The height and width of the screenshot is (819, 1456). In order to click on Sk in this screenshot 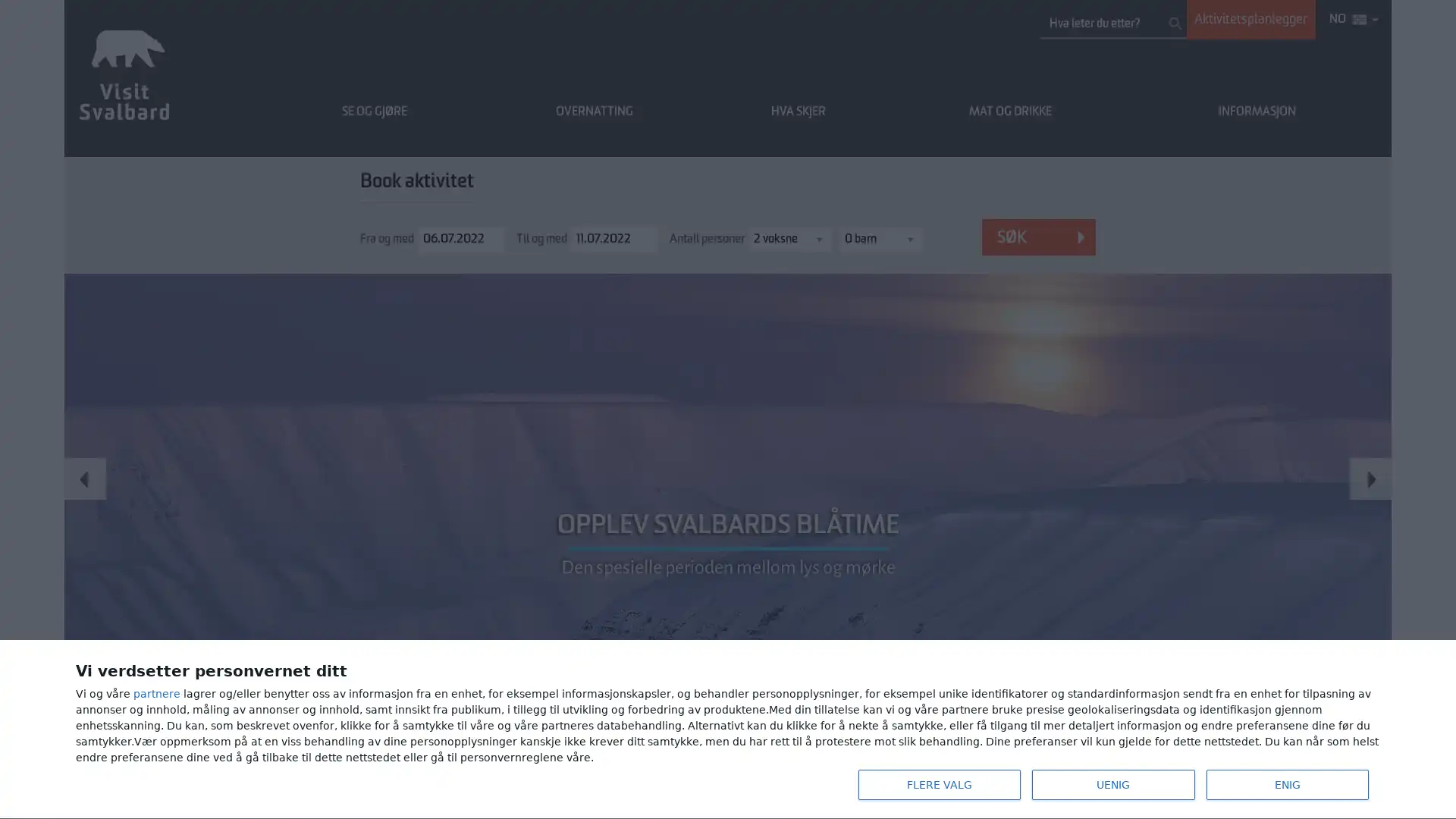, I will do `click(1037, 237)`.